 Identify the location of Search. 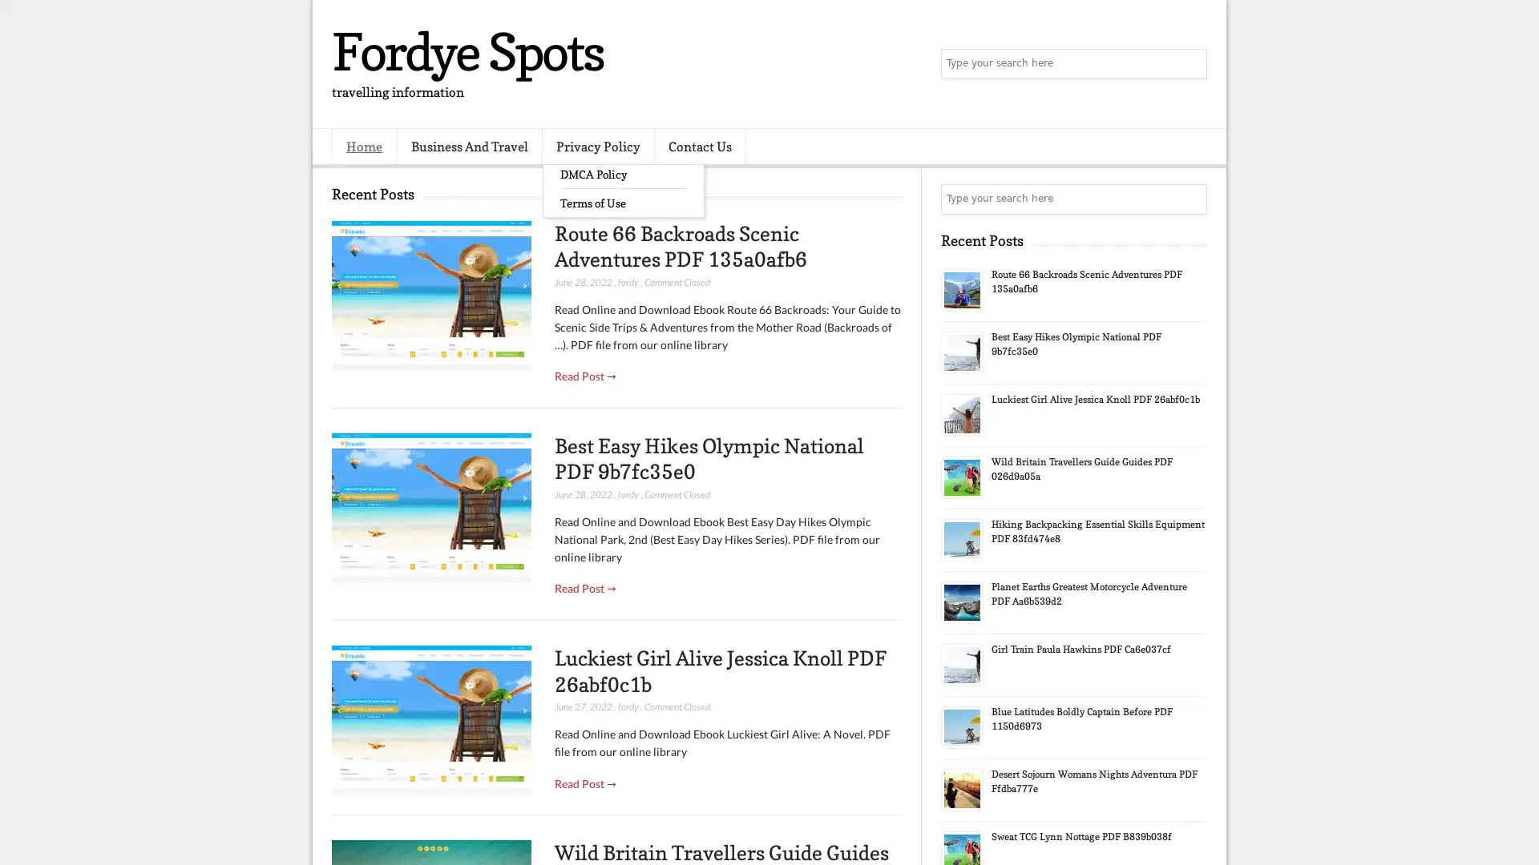
(1190, 199).